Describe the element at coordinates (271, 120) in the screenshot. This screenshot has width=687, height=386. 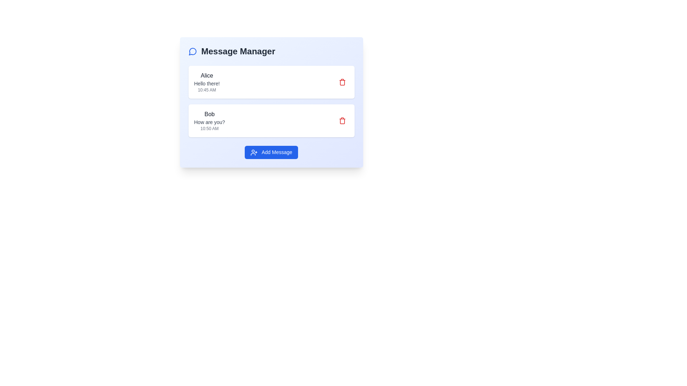
I see `the message card containing the headline 'Bob', which is the second card in the vertically stacked list of messages` at that location.